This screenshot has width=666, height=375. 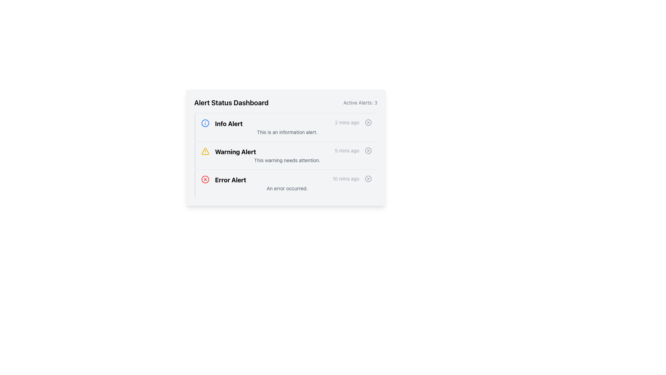 What do you see at coordinates (286, 127) in the screenshot?
I see `the Notification Panel displaying the 'Info Alert' title with a blue theme, located centrally in the upper portion of the interface` at bounding box center [286, 127].